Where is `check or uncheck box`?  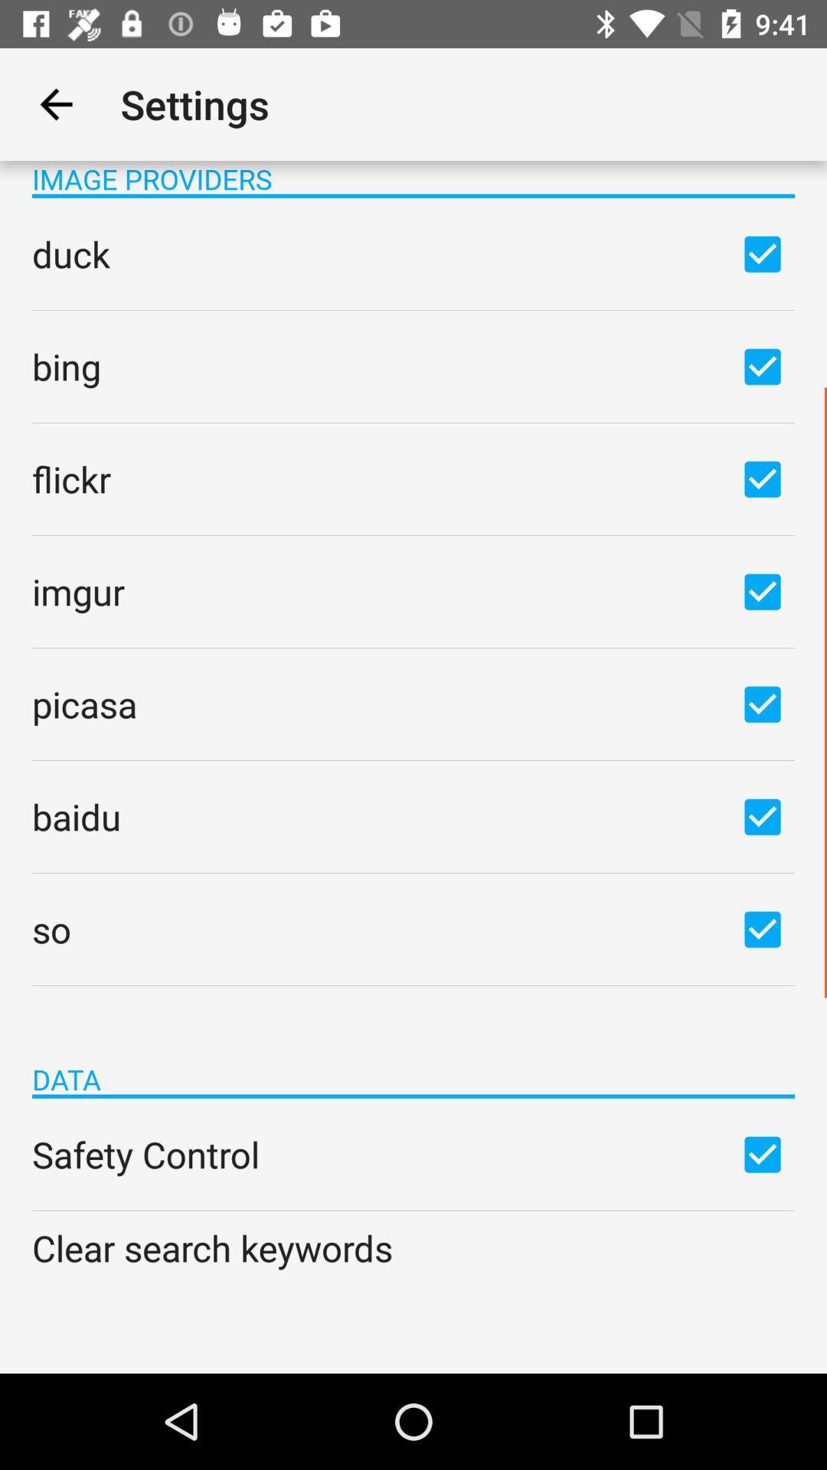
check or uncheck box is located at coordinates (762, 253).